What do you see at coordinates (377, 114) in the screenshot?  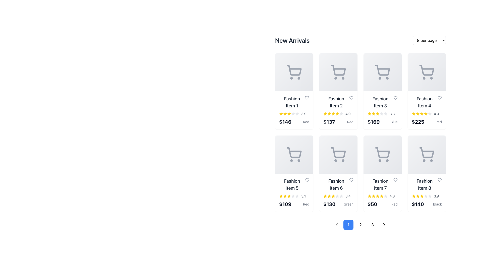 I see `the fourth yellow star icon in the rating visualization for the 'Fashion Item 3' product card, located in the second column of the first row` at bounding box center [377, 114].